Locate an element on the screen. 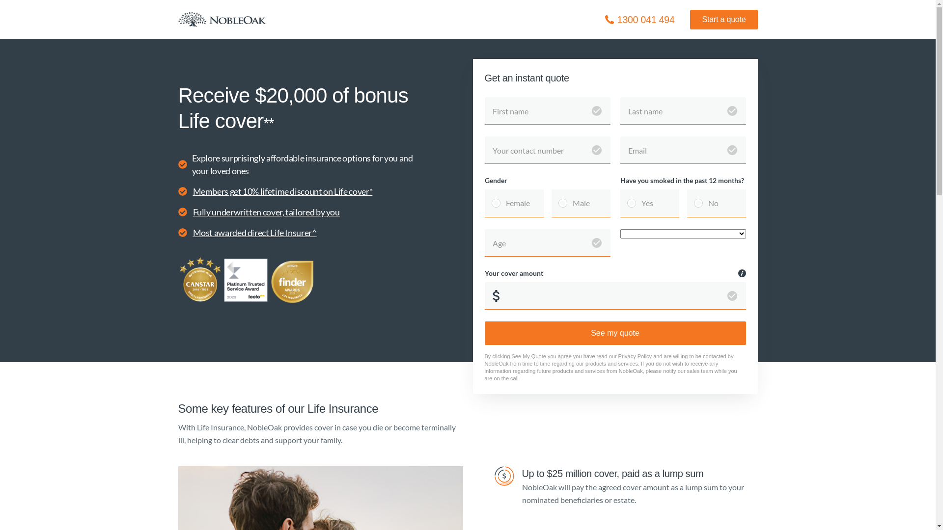 Image resolution: width=943 pixels, height=530 pixels. 'Icon / phone is located at coordinates (603, 19).